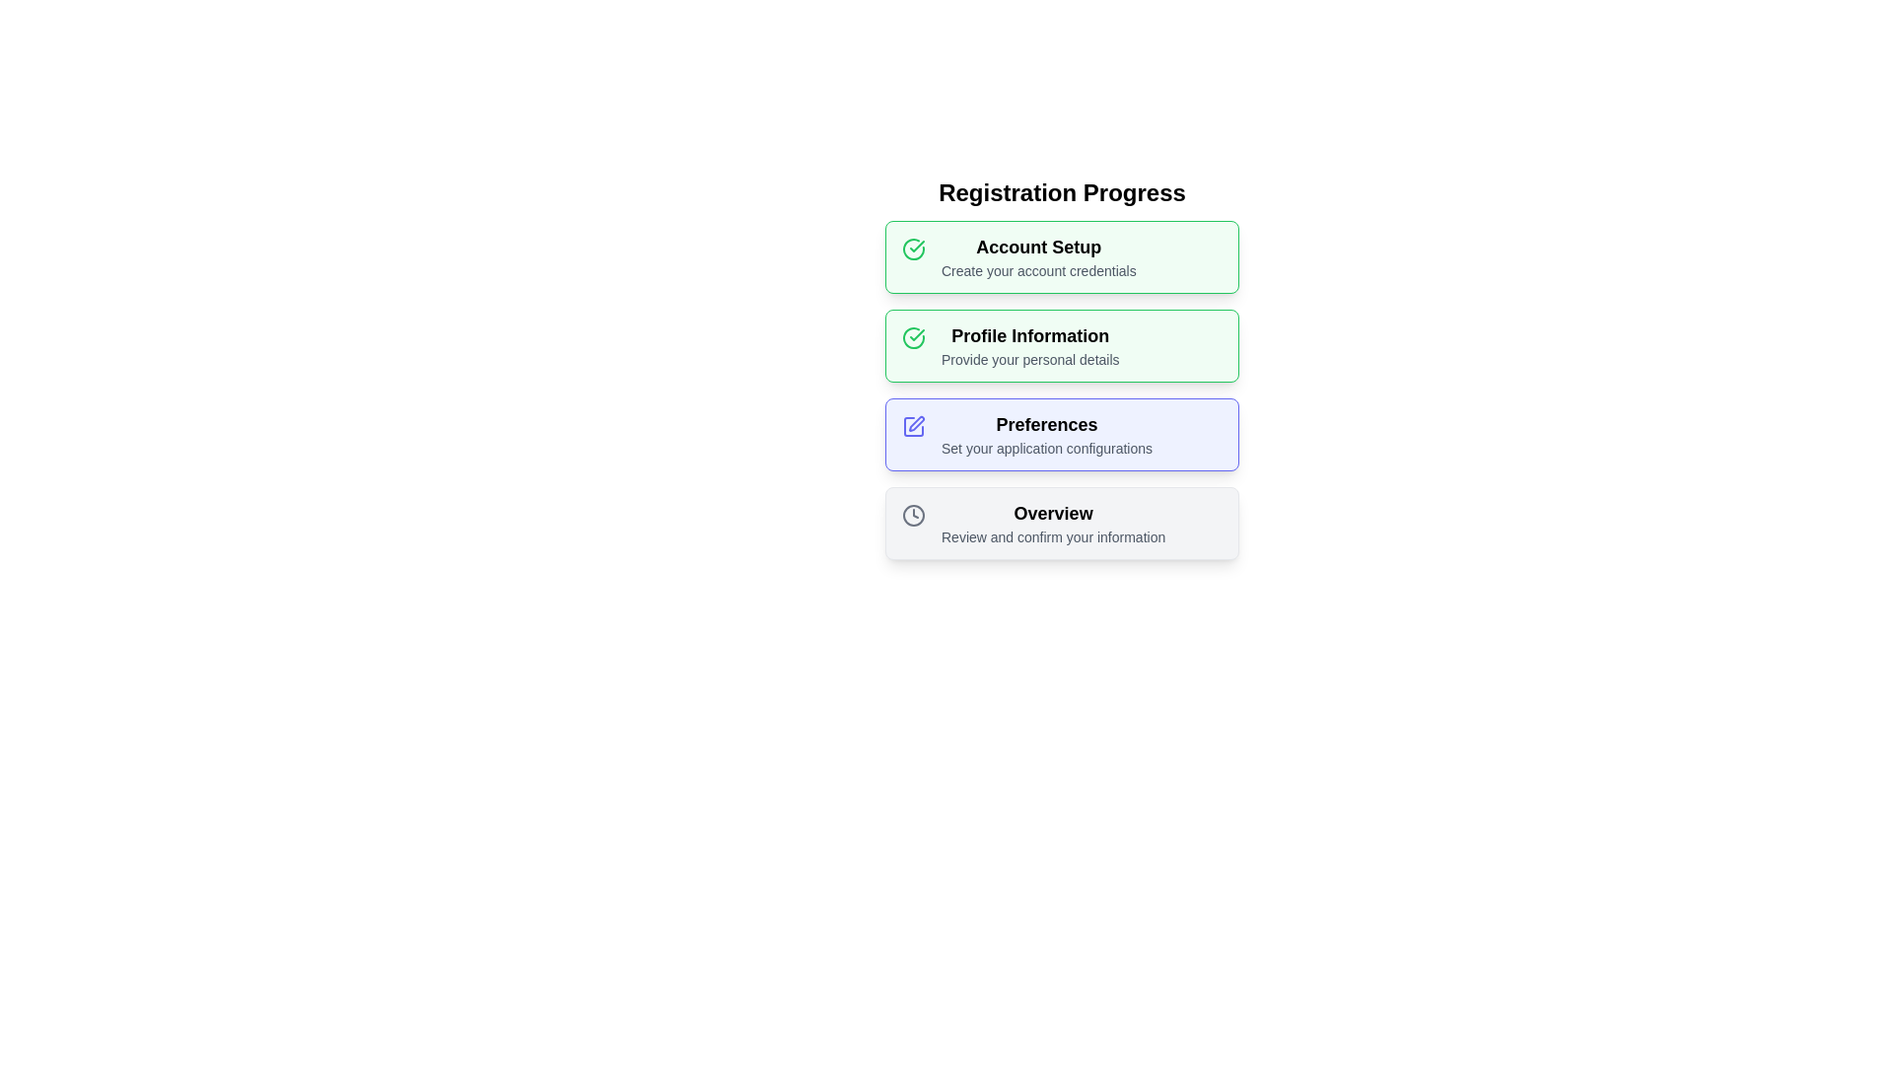 The image size is (1893, 1065). What do you see at coordinates (912, 425) in the screenshot?
I see `the 'Preferences' step icon in the registration process interface, located in the right section of the step, which visually indicates this stage of registration` at bounding box center [912, 425].